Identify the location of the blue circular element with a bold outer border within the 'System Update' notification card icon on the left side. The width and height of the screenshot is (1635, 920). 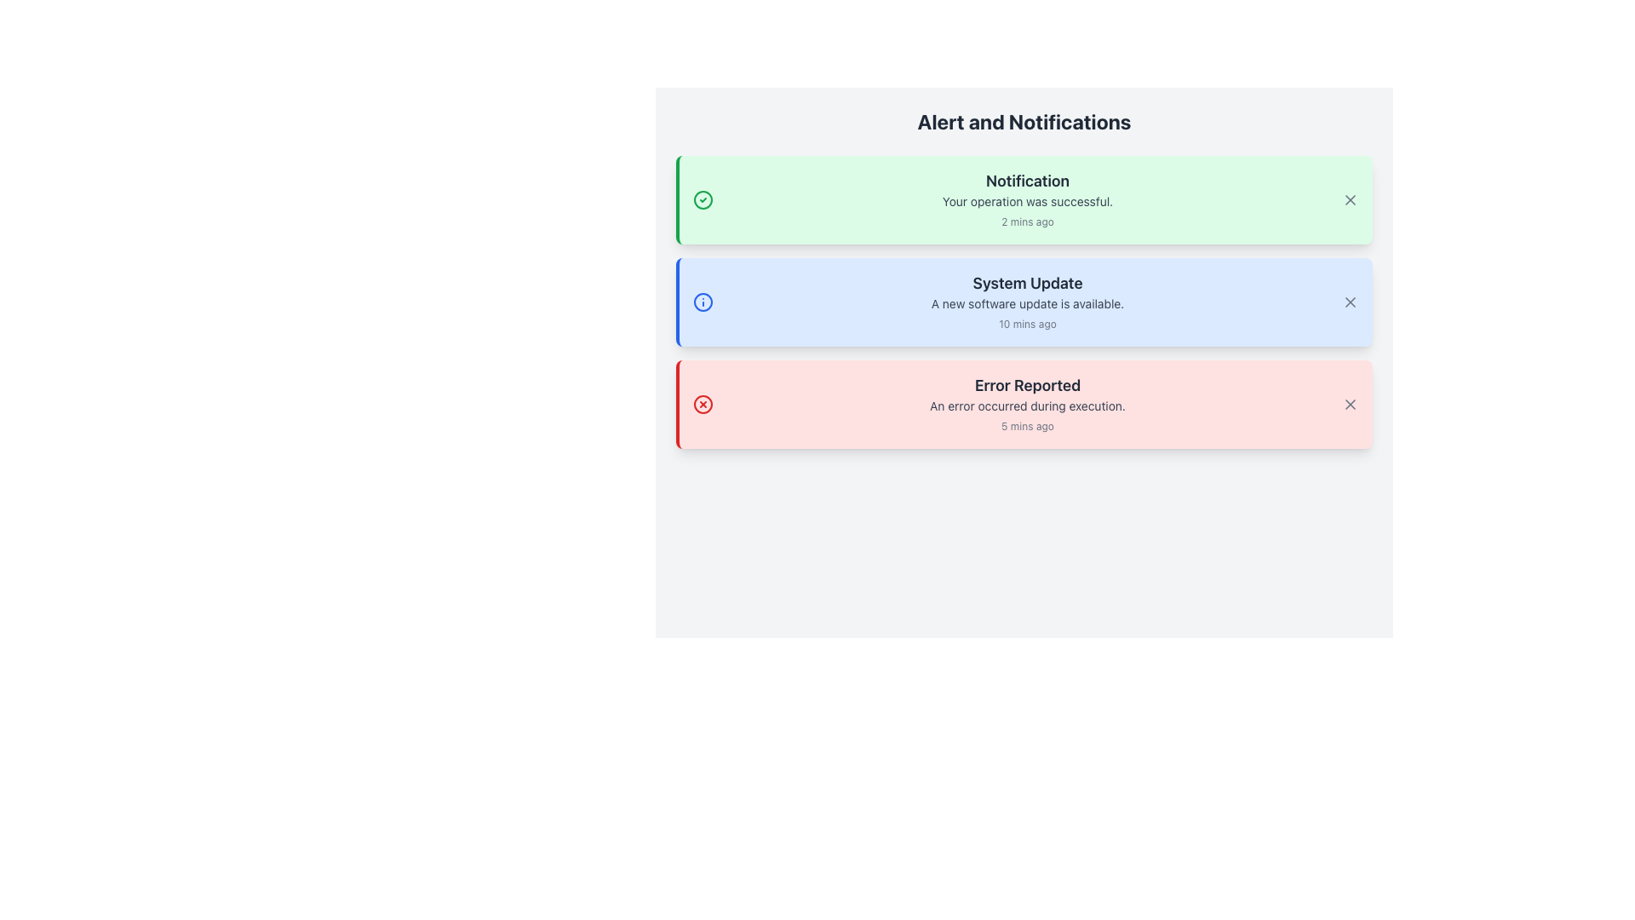
(703, 301).